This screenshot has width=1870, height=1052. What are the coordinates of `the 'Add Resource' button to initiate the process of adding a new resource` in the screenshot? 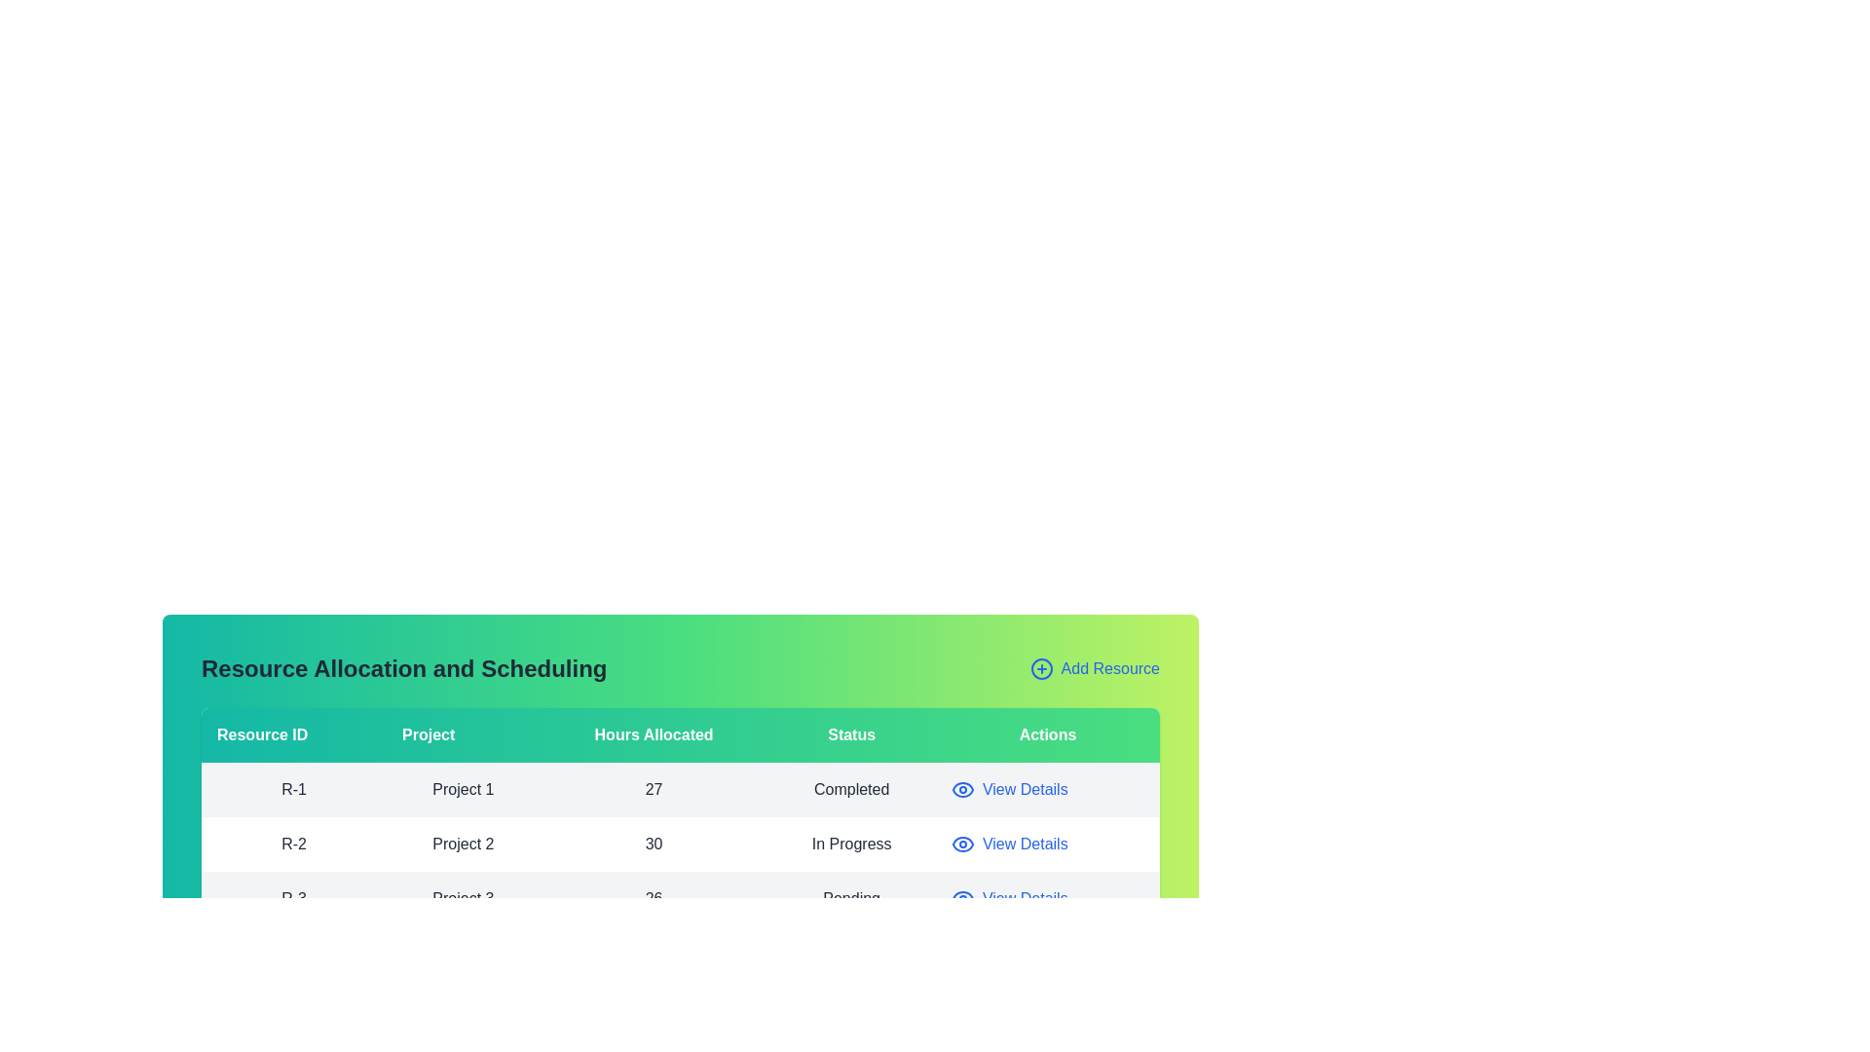 It's located at (1094, 667).